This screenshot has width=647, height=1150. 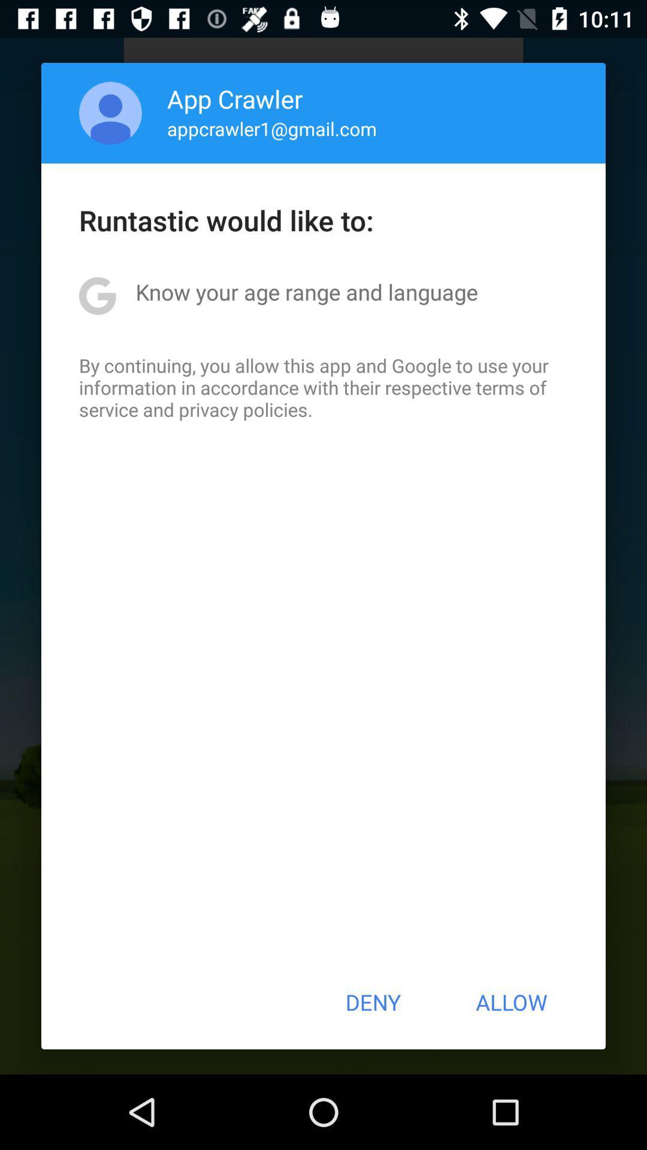 What do you see at coordinates (372, 1002) in the screenshot?
I see `the item below the by continuing you icon` at bounding box center [372, 1002].